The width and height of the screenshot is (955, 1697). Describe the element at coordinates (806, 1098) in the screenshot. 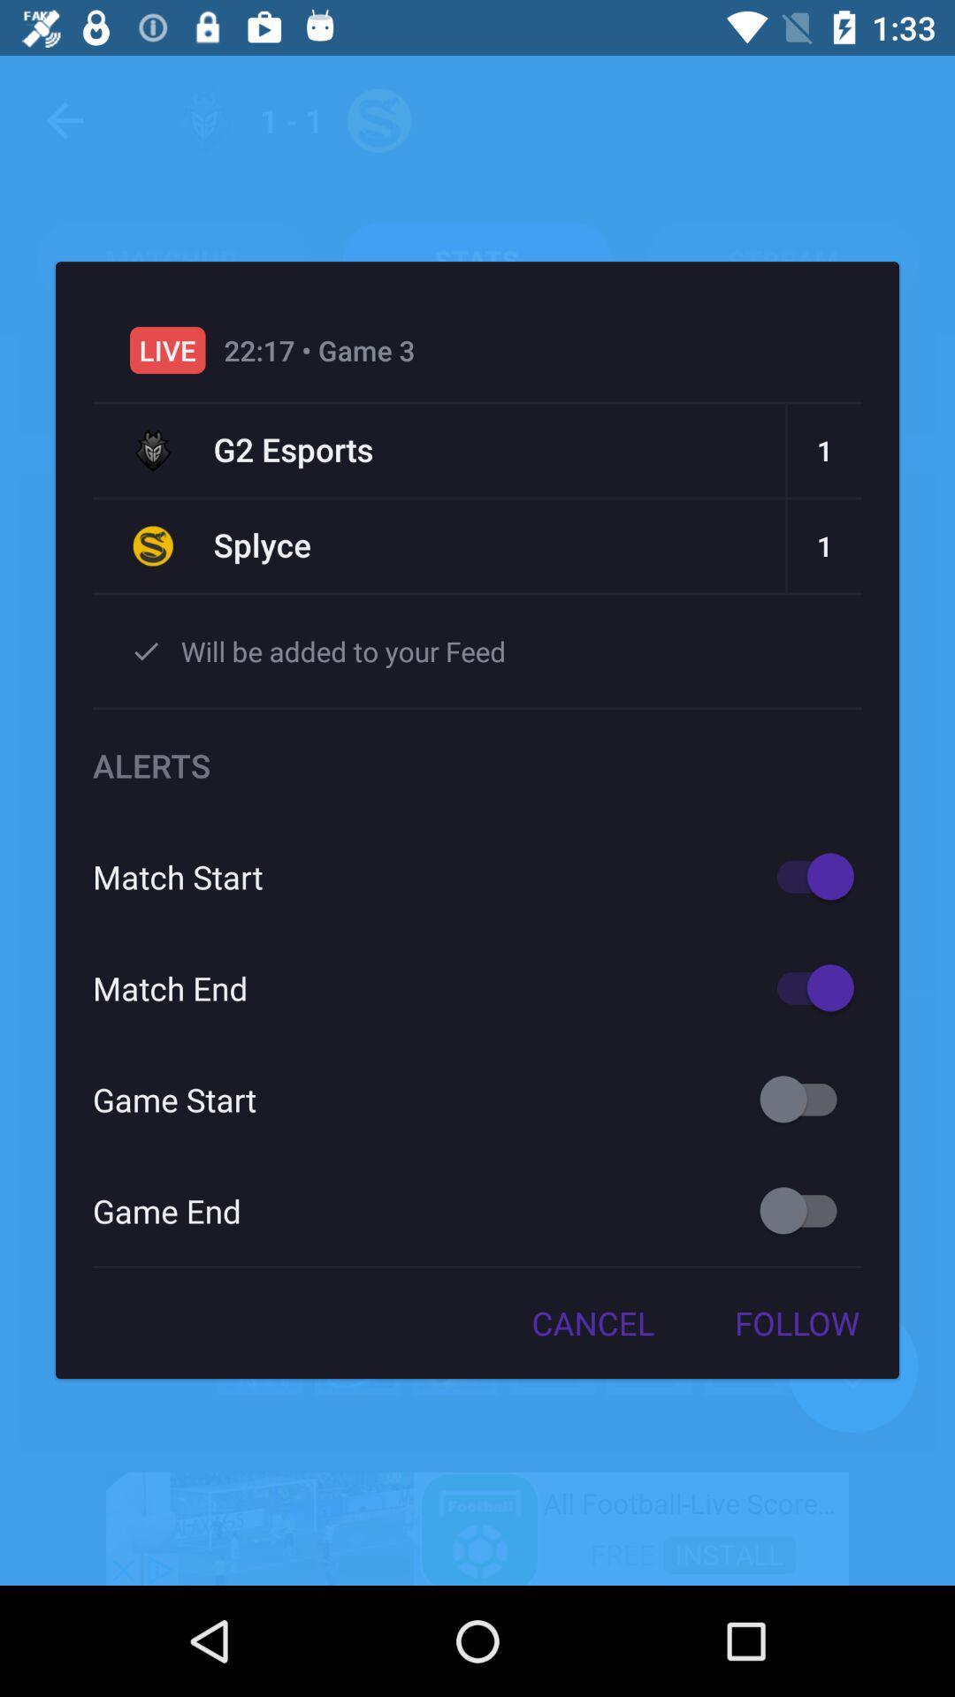

I see `it is on/of key` at that location.